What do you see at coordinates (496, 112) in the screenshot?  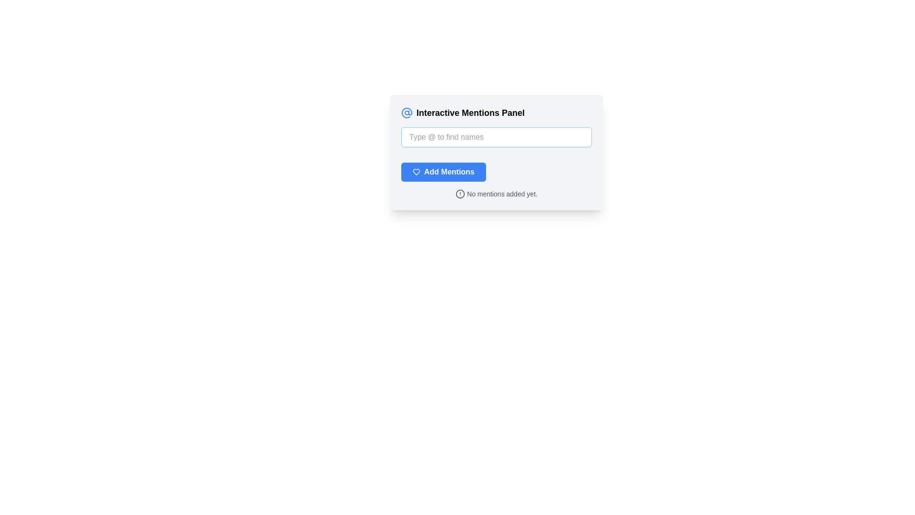 I see `the Text Label displaying 'Interactive Mentions Panel' in bold font, located at the top of the card interface, next to a blue '@' icon` at bounding box center [496, 112].